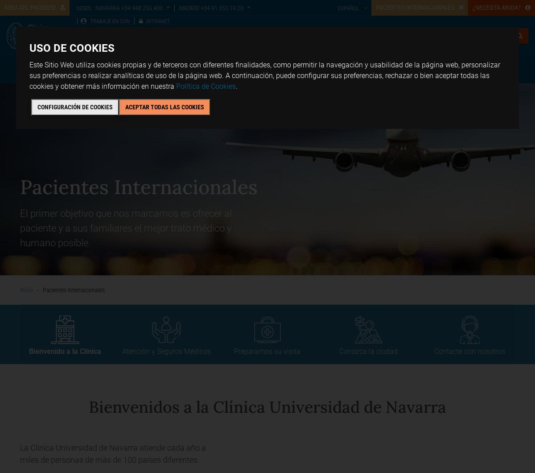 The height and width of the screenshot is (473, 535). I want to click on 'El primer objetivo que nos marcamos es ofrecer al paciente y a sus familiares el mejor trato médico y humano posible.', so click(125, 228).